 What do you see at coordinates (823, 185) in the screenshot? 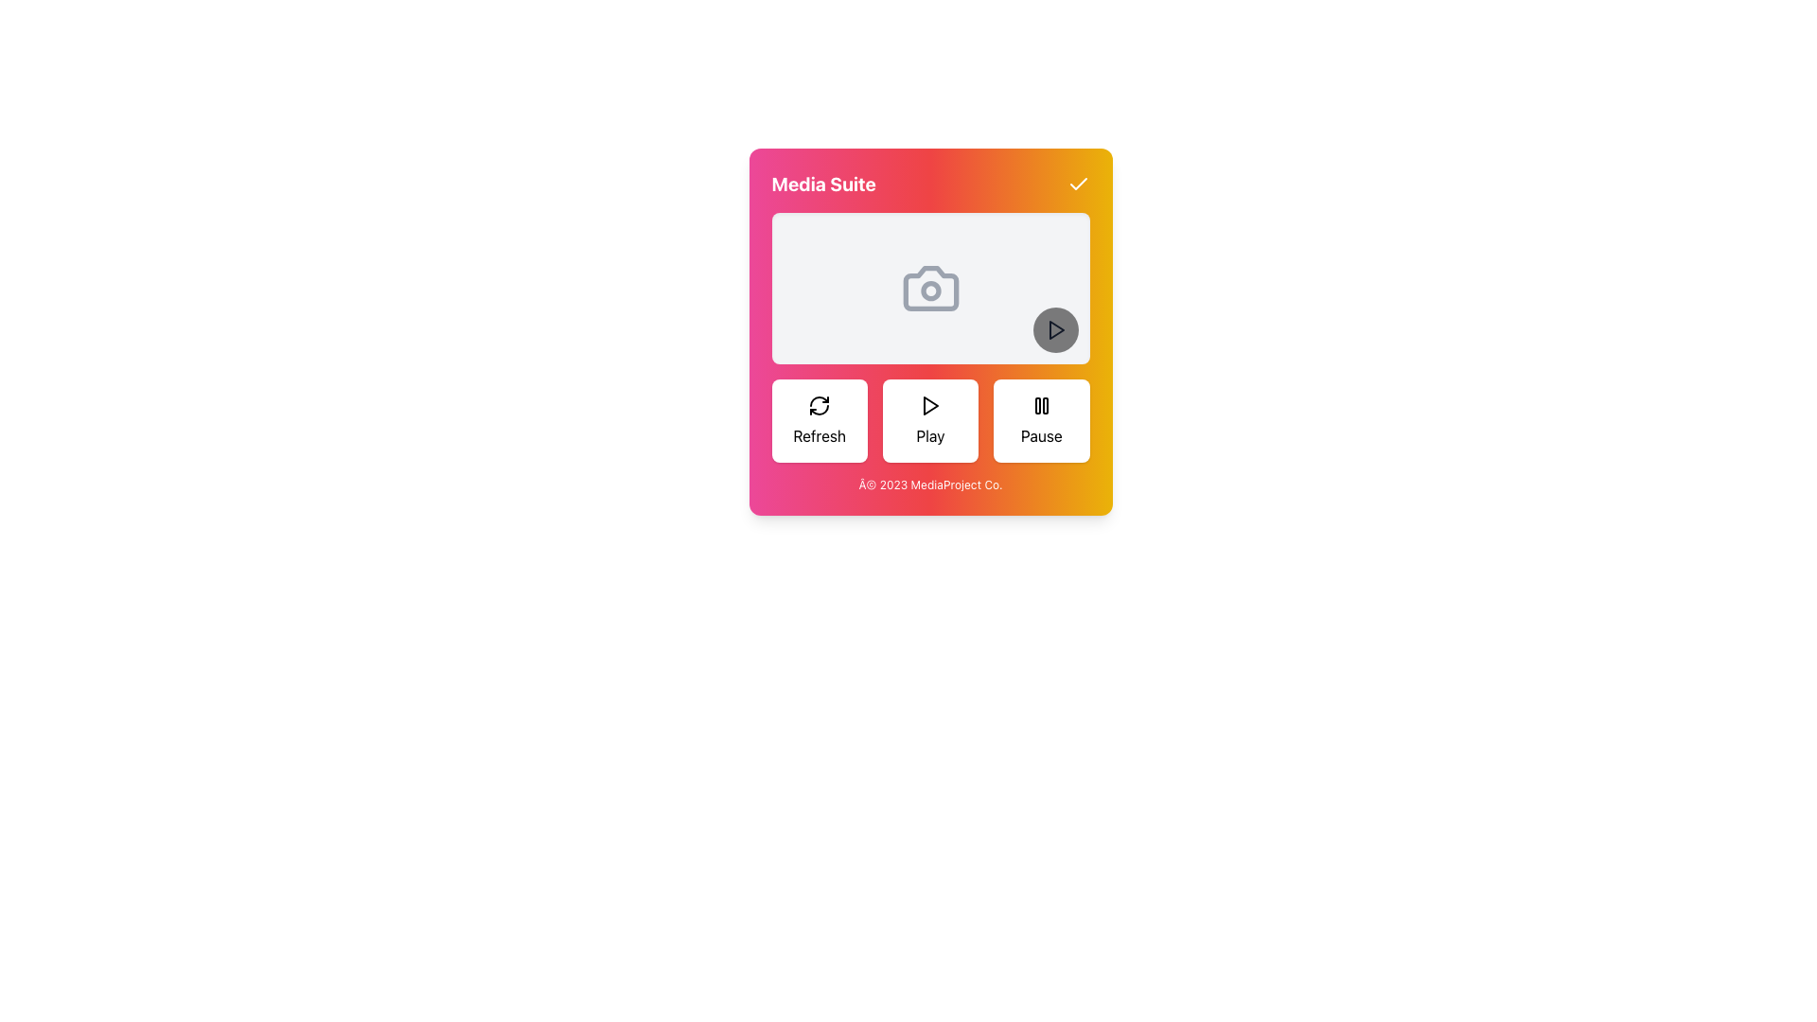
I see `text from the Text Label that serves as the title or header for the card interface, positioned at the top-left region of the card, to the left of the checkmark icon` at bounding box center [823, 185].